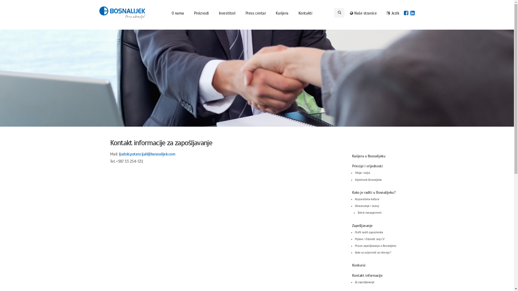 This screenshot has width=518, height=291. I want to click on 'Konkursi', so click(359, 265).